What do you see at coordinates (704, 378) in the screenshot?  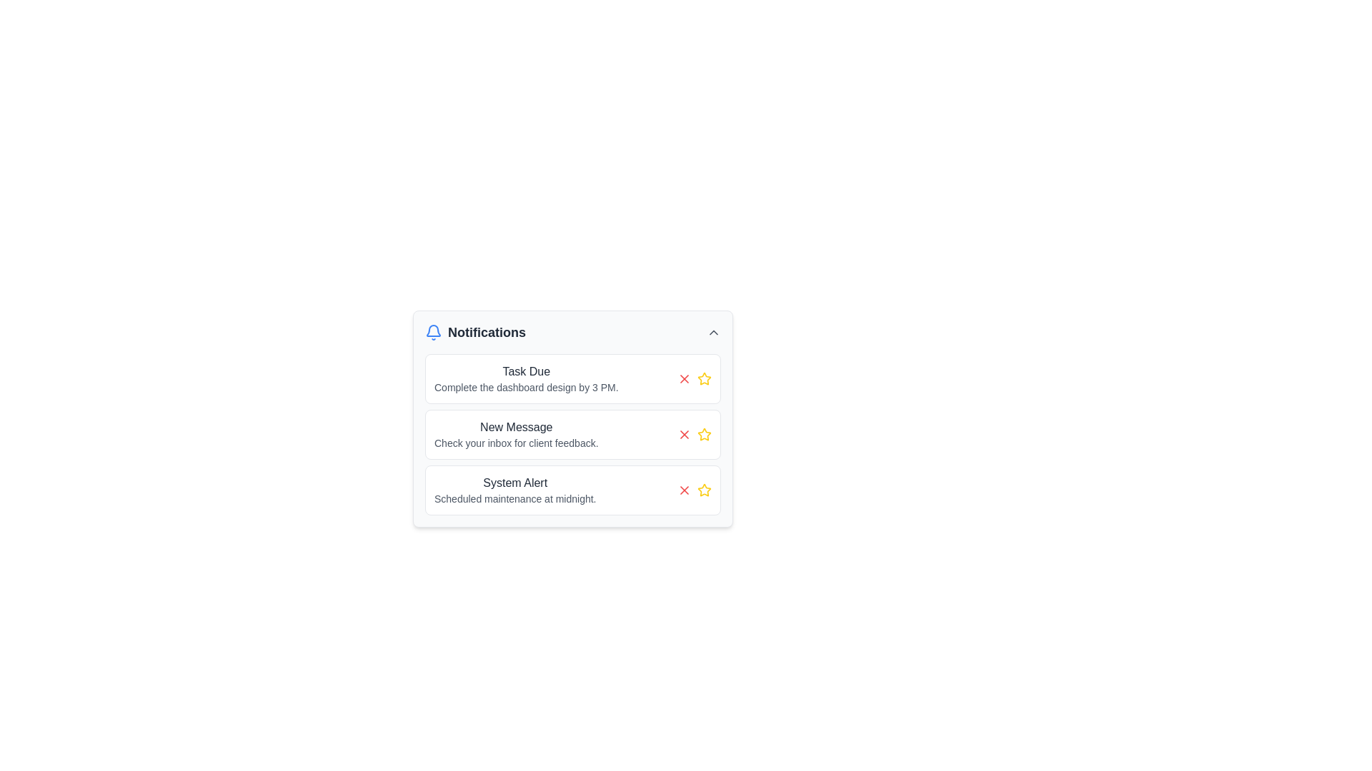 I see `the interactive star icon button to mark the notification titled 'Task Due' as a favorite` at bounding box center [704, 378].